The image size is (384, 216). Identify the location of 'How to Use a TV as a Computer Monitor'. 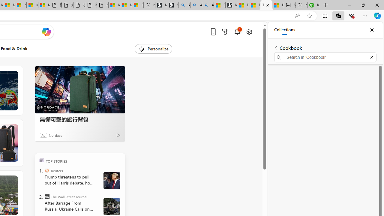
(277, 5).